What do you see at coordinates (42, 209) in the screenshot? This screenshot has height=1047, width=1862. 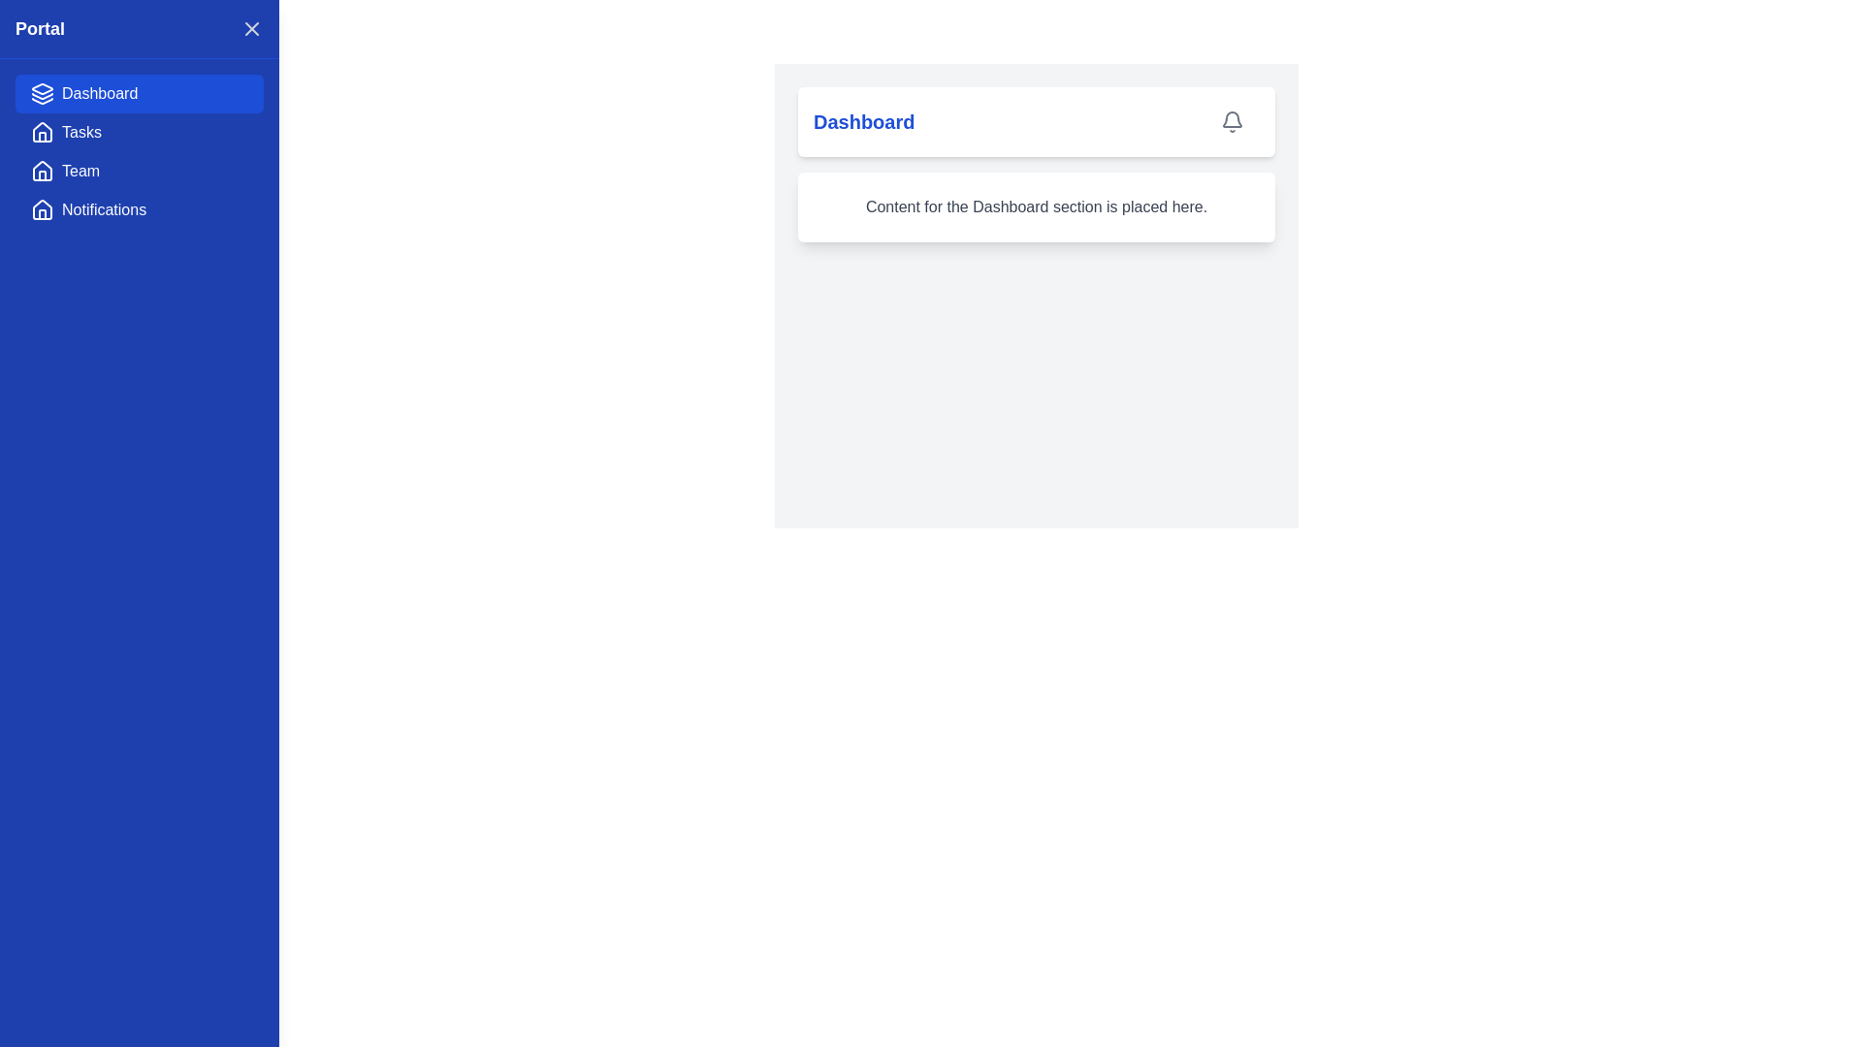 I see `the 'Notifications' icon located in the sidebar` at bounding box center [42, 209].